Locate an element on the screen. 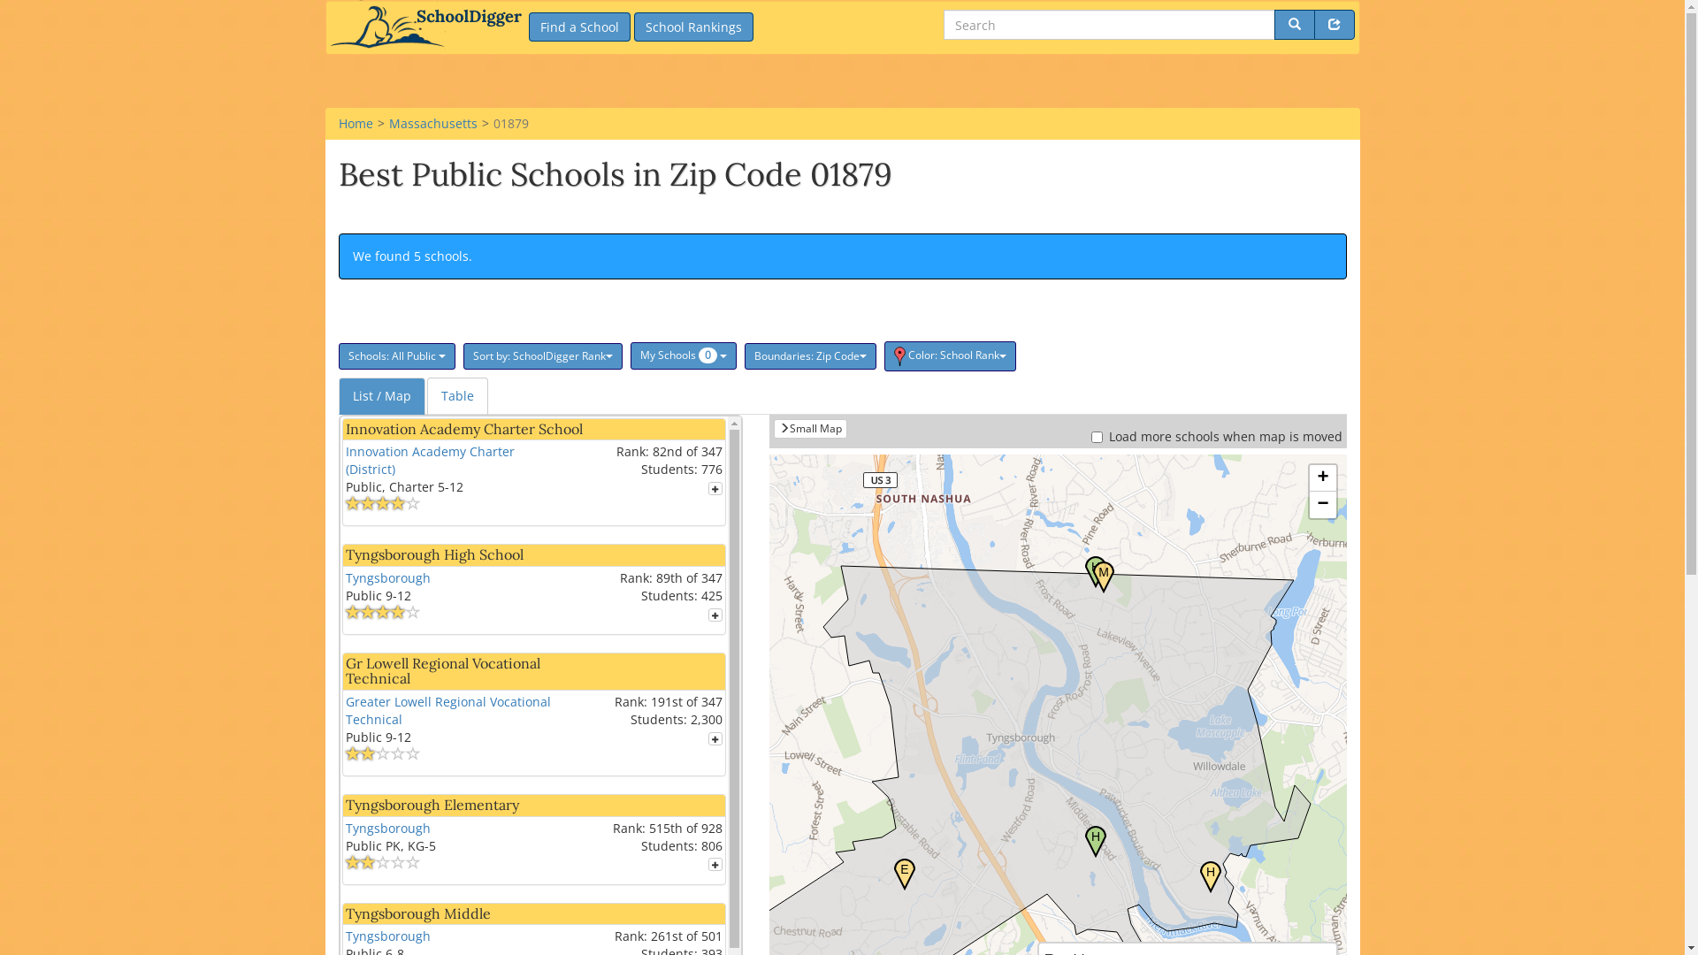  'Tyngsborough Elementary' is located at coordinates (432, 805).